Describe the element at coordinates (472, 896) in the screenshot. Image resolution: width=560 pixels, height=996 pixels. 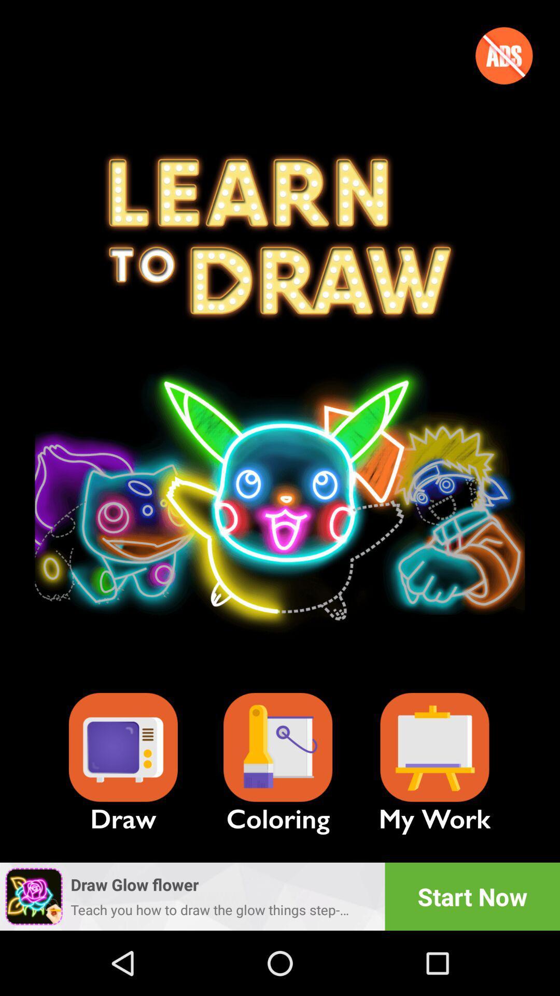
I see `the app to the right of draw glow flower app` at that location.